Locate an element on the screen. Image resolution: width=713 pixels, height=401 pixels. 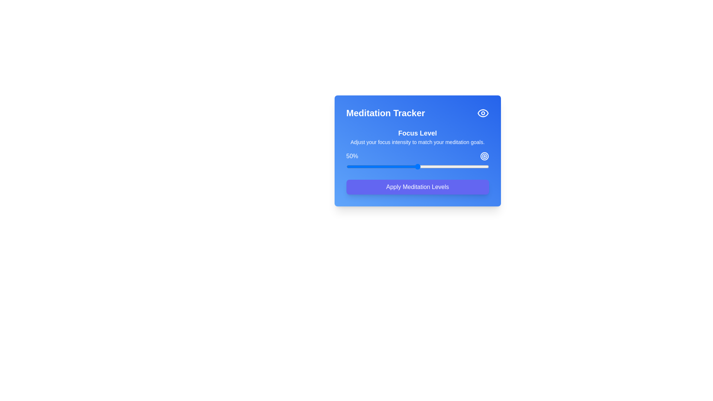
the Text Label that denotes the focus level adjustment feature within the 'Meditation Tracker' modal is located at coordinates (417, 133).